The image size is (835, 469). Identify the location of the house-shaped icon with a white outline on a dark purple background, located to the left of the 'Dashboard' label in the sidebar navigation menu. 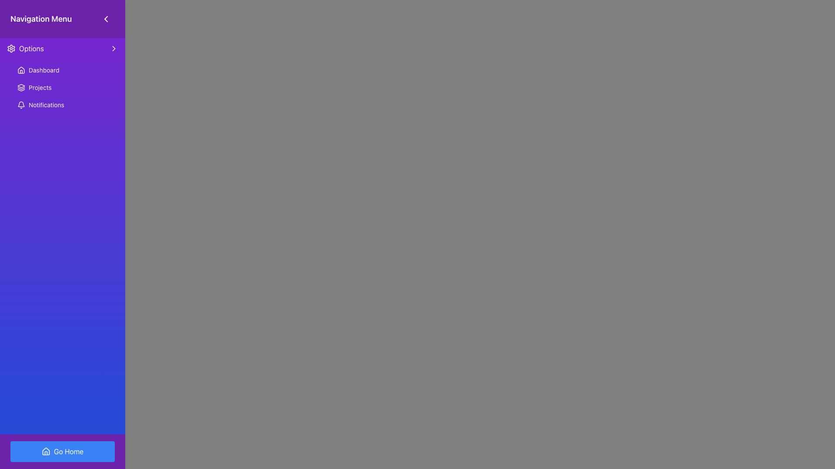
(21, 70).